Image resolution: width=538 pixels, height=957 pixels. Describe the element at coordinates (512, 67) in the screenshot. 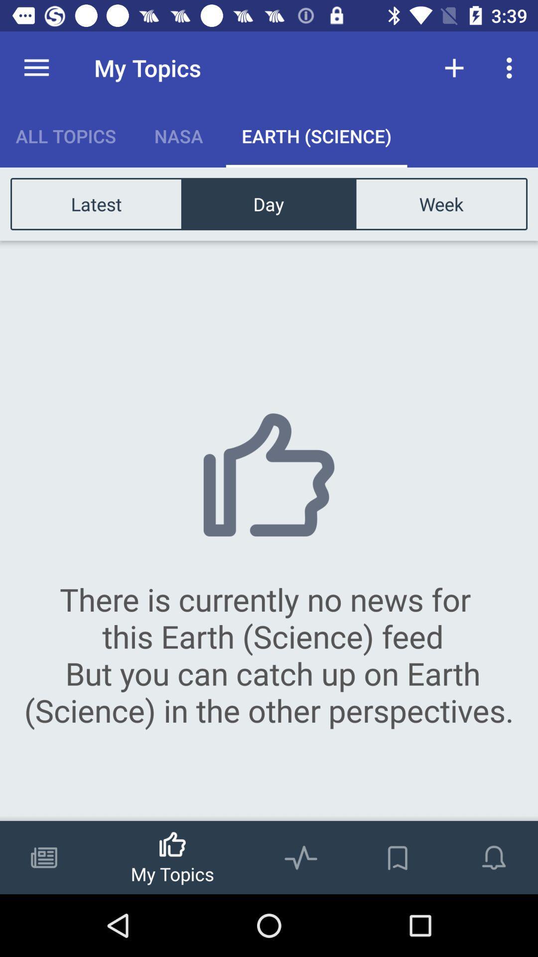

I see `icon above week icon` at that location.